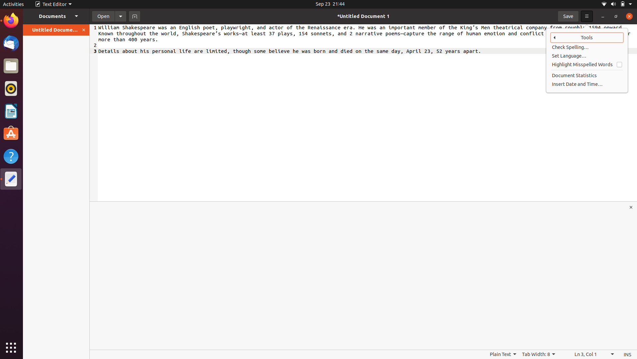 This screenshot has height=359, width=637. Describe the element at coordinates (586, 75) in the screenshot. I see `document"s statistics` at that location.